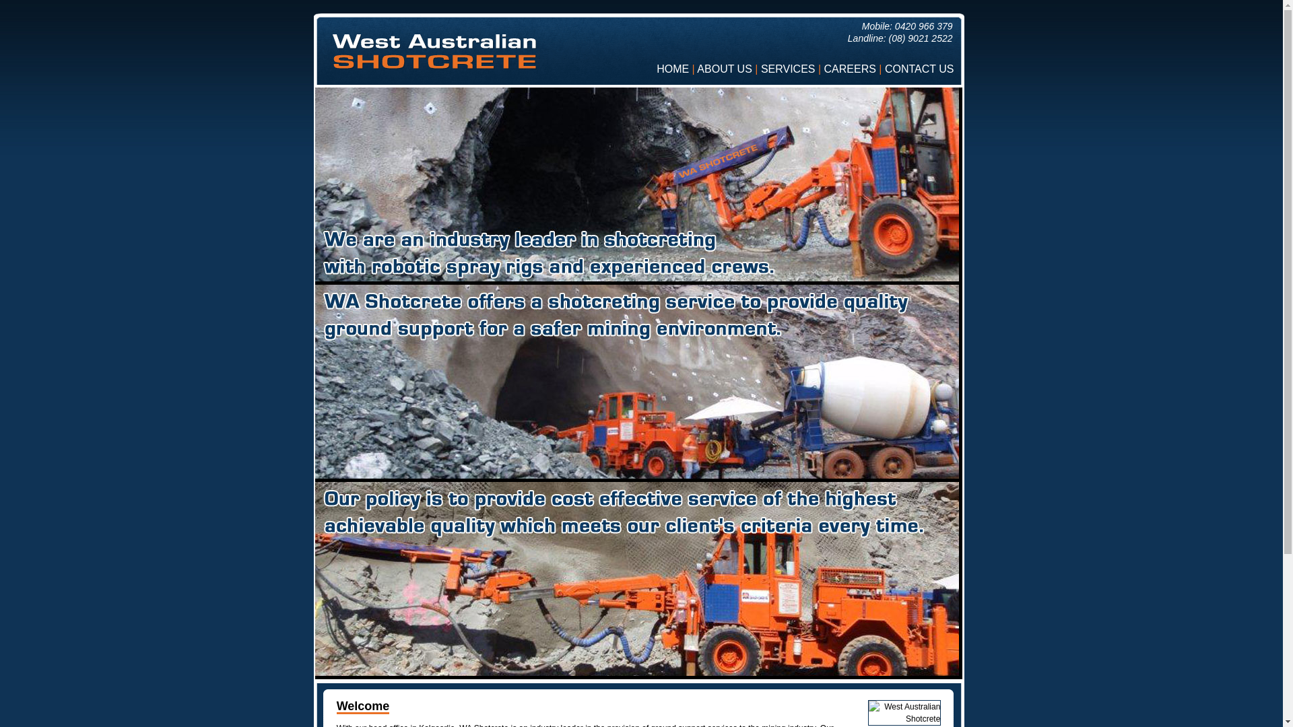 The width and height of the screenshot is (1293, 727). Describe the element at coordinates (919, 69) in the screenshot. I see `'CONTACT US'` at that location.